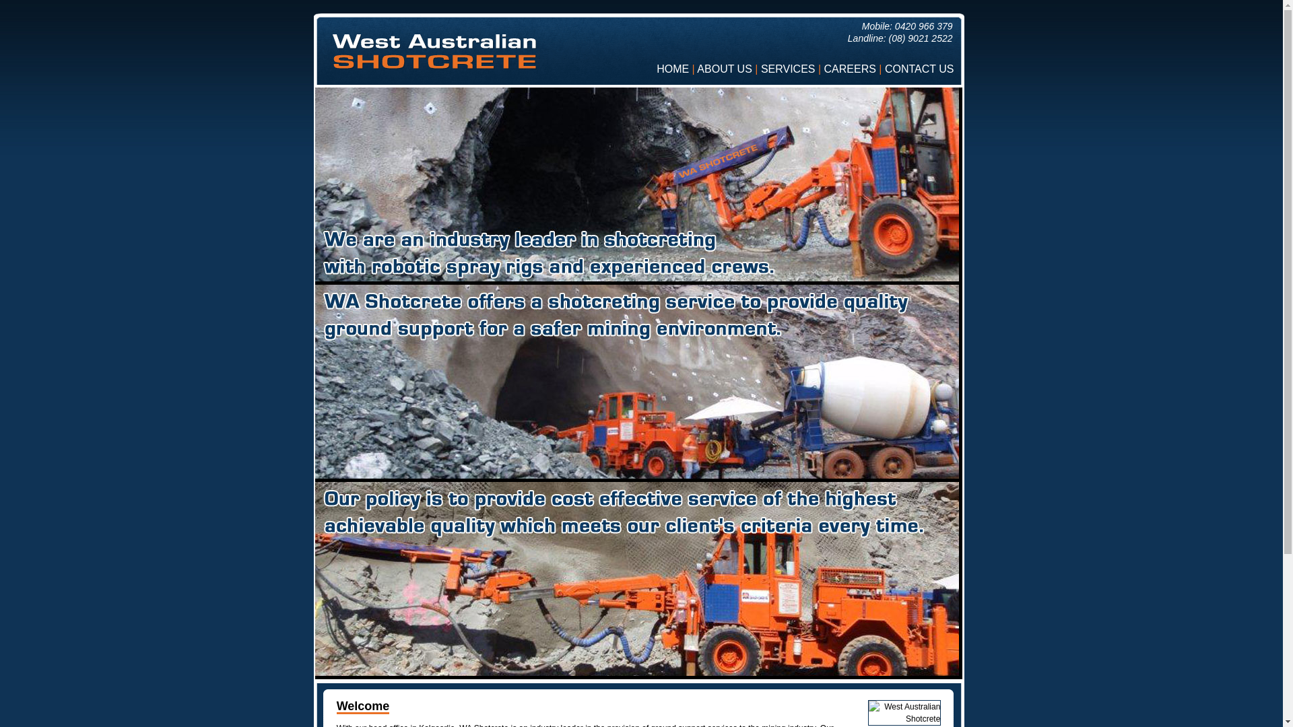 The width and height of the screenshot is (1293, 727). Describe the element at coordinates (919, 69) in the screenshot. I see `'CONTACT US'` at that location.